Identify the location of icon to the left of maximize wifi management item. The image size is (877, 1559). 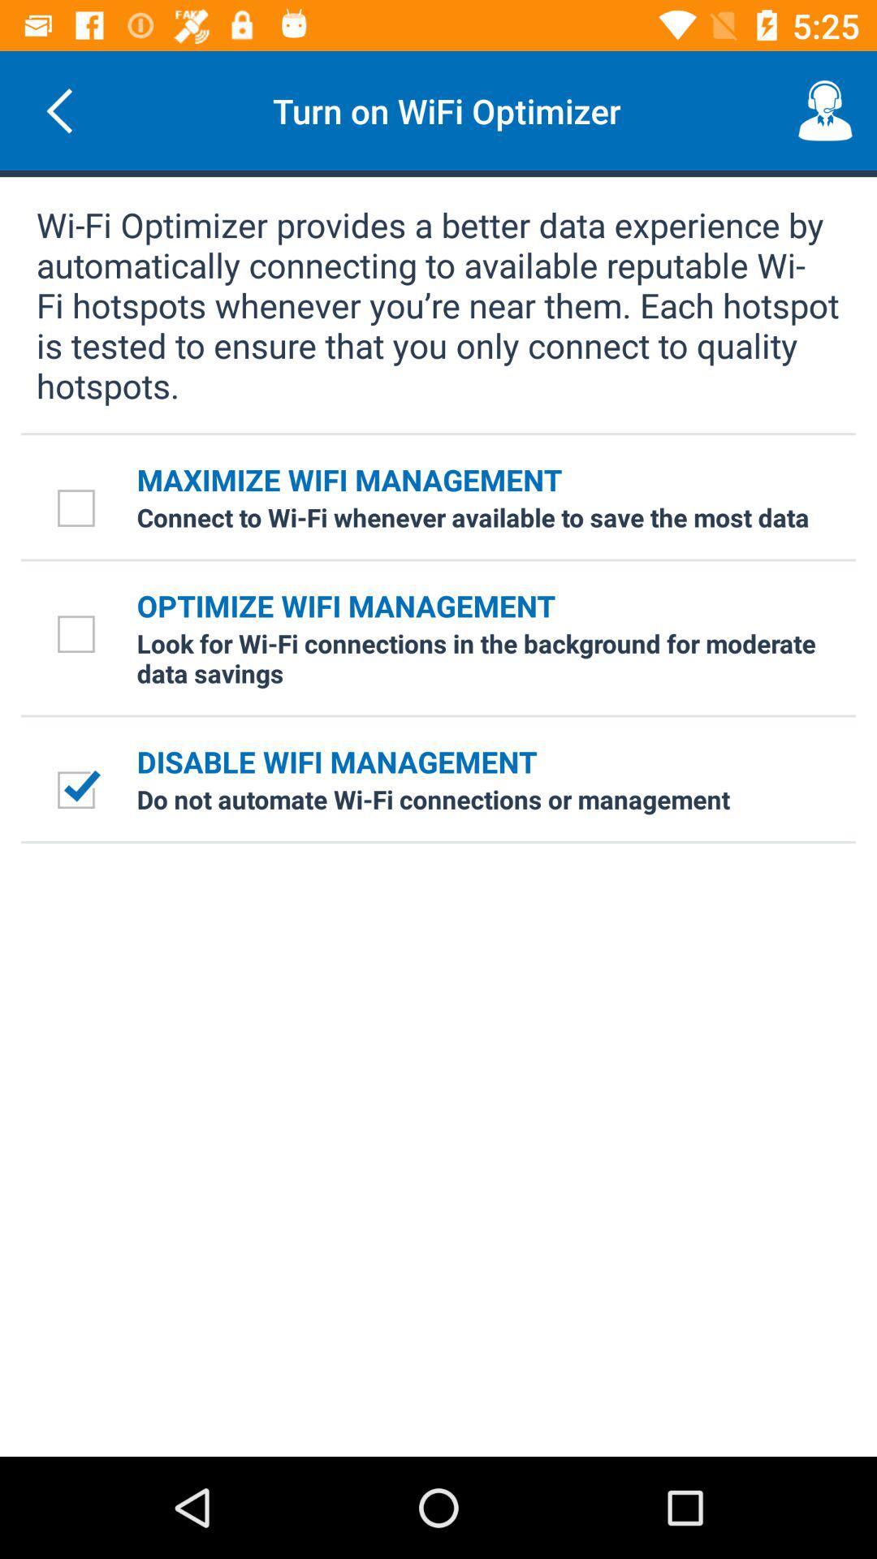
(79, 507).